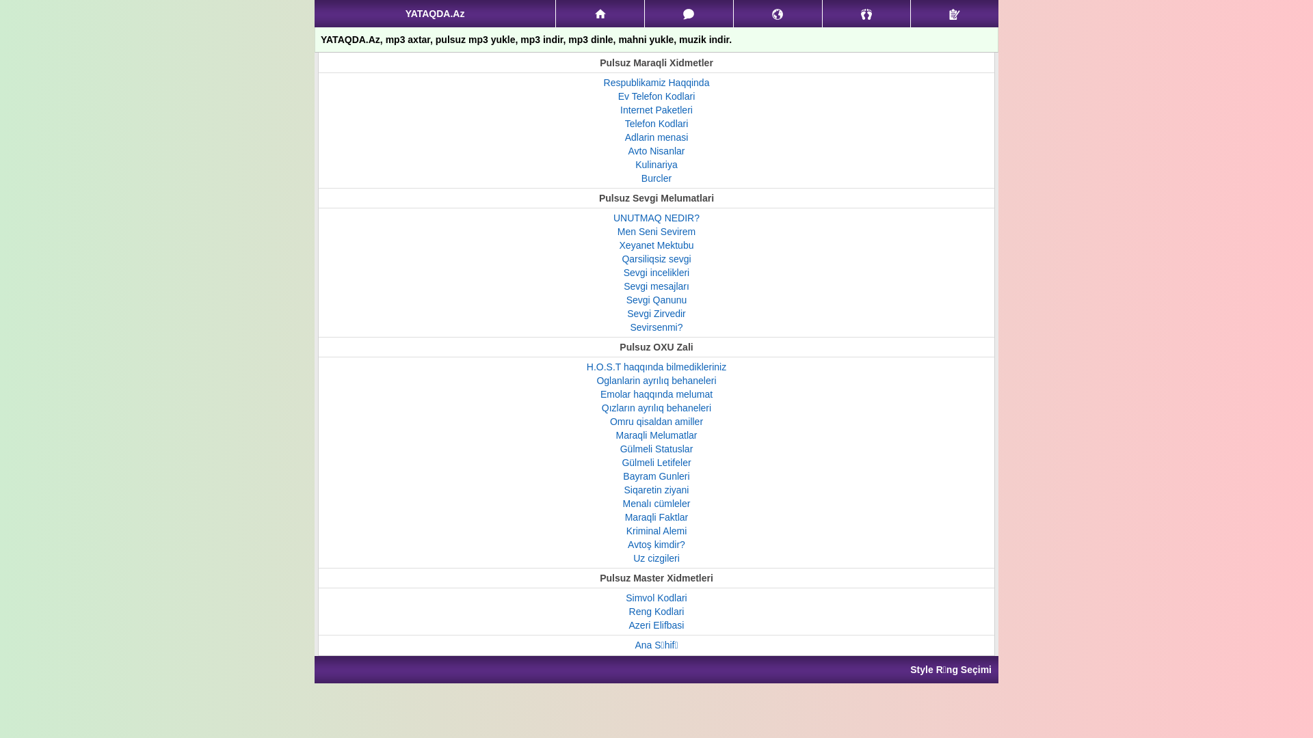 This screenshot has height=738, width=1313. I want to click on 'UNUTMAQ NEDIR?', so click(613, 217).